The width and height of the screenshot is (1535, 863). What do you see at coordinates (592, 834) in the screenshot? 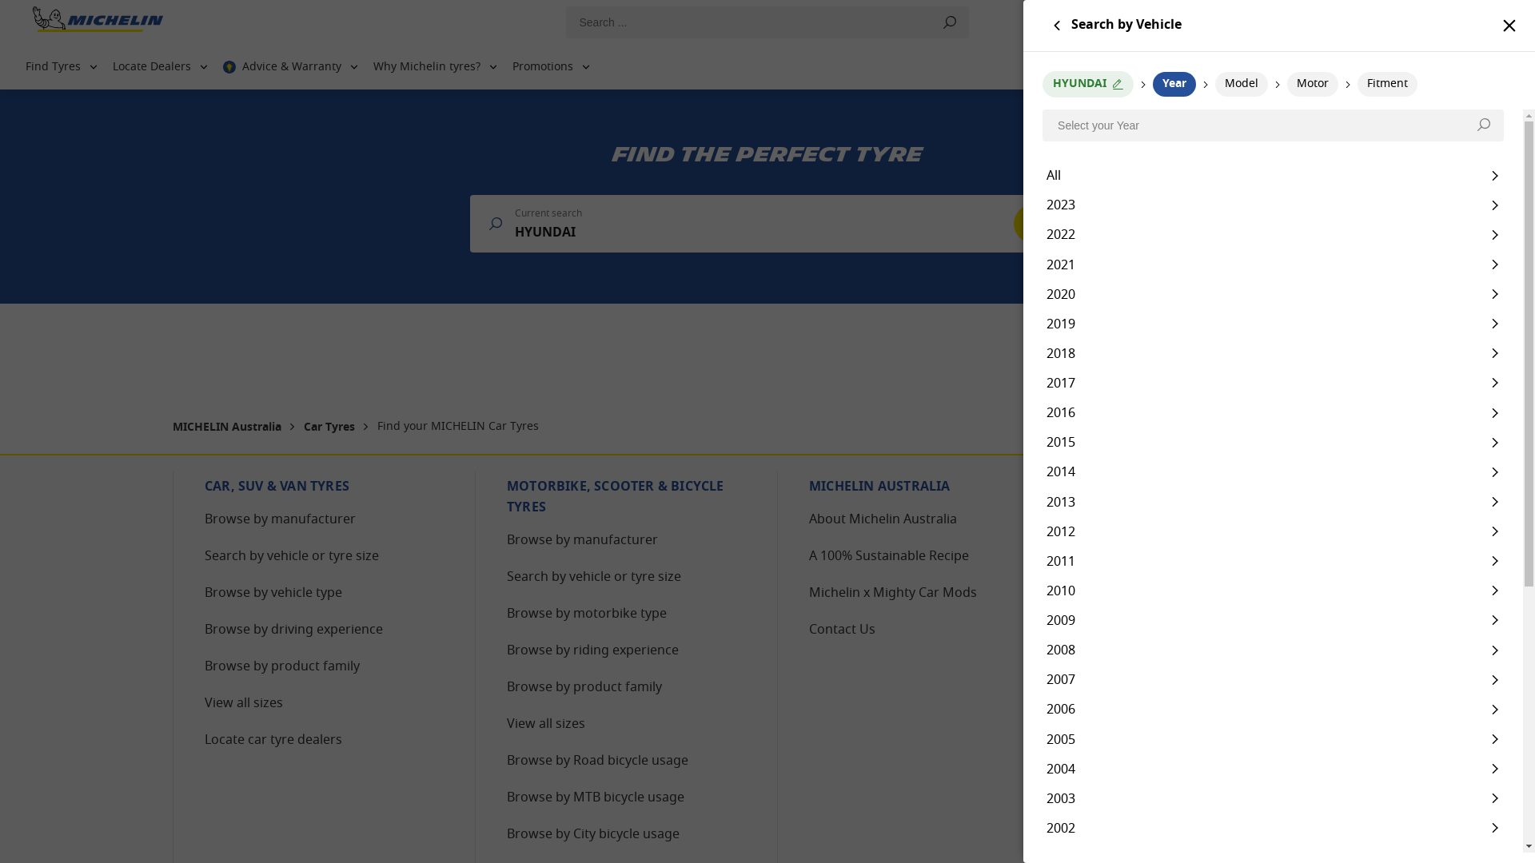
I see `'Browse by City bicycle usage'` at bounding box center [592, 834].